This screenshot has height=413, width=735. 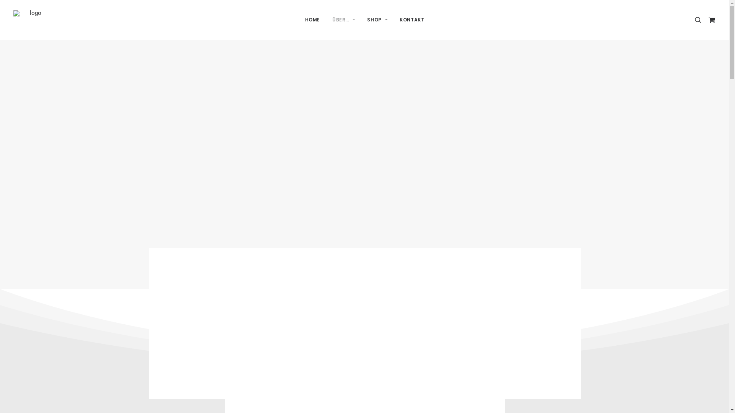 I want to click on 'SHOP', so click(x=377, y=19).